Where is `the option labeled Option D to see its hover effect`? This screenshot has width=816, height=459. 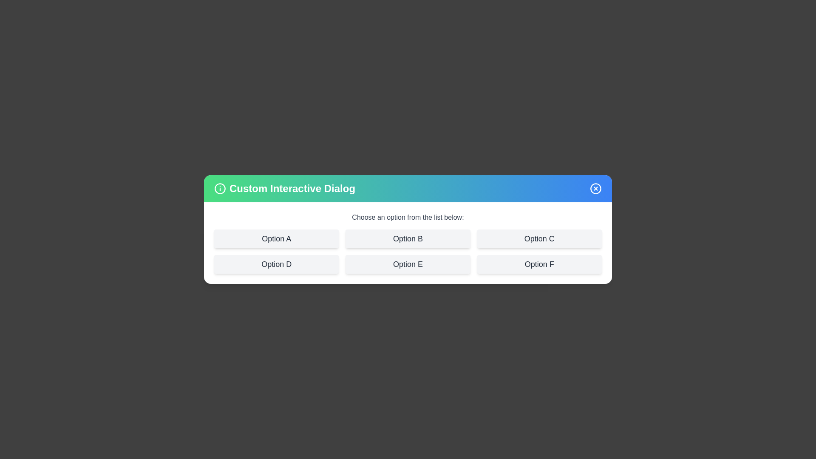
the option labeled Option D to see its hover effect is located at coordinates (276, 263).